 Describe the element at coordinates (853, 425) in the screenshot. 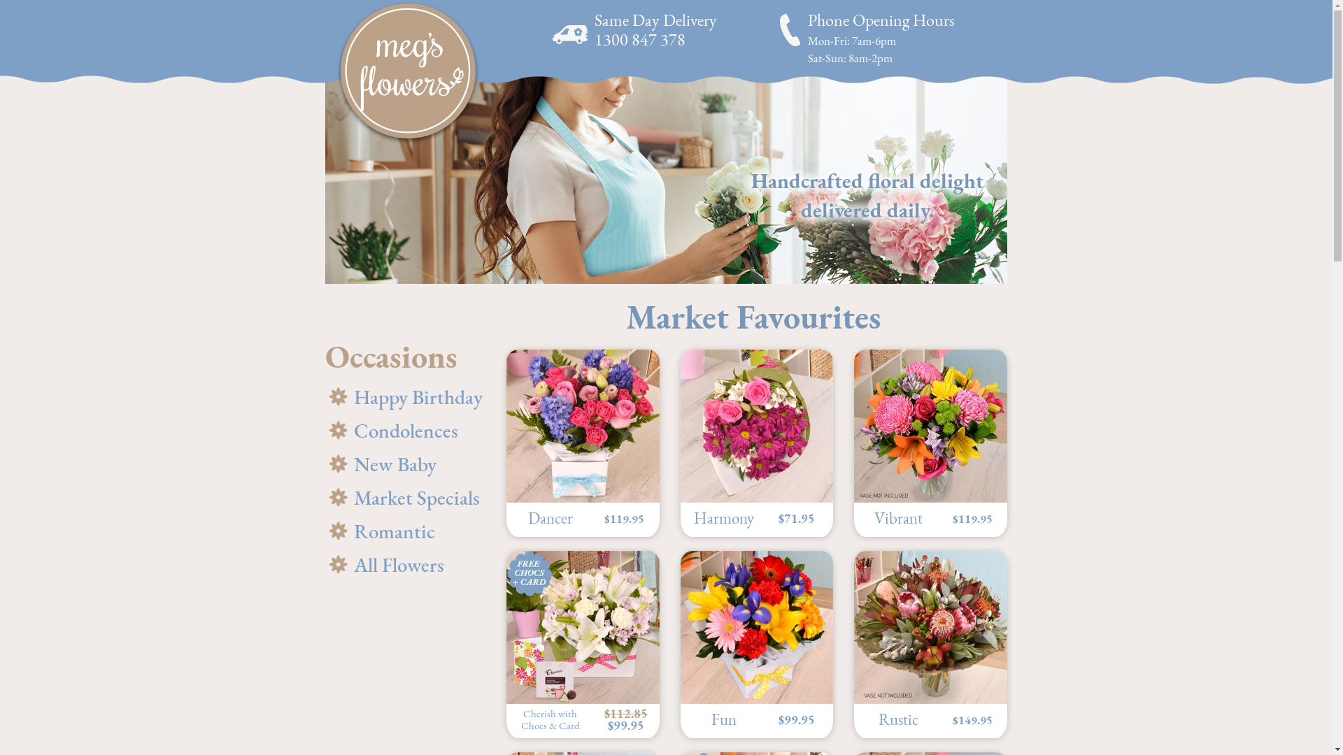

I see `'Vibrant Flowers'` at that location.